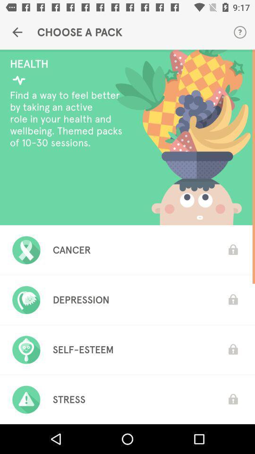  I want to click on depression, so click(81, 299).